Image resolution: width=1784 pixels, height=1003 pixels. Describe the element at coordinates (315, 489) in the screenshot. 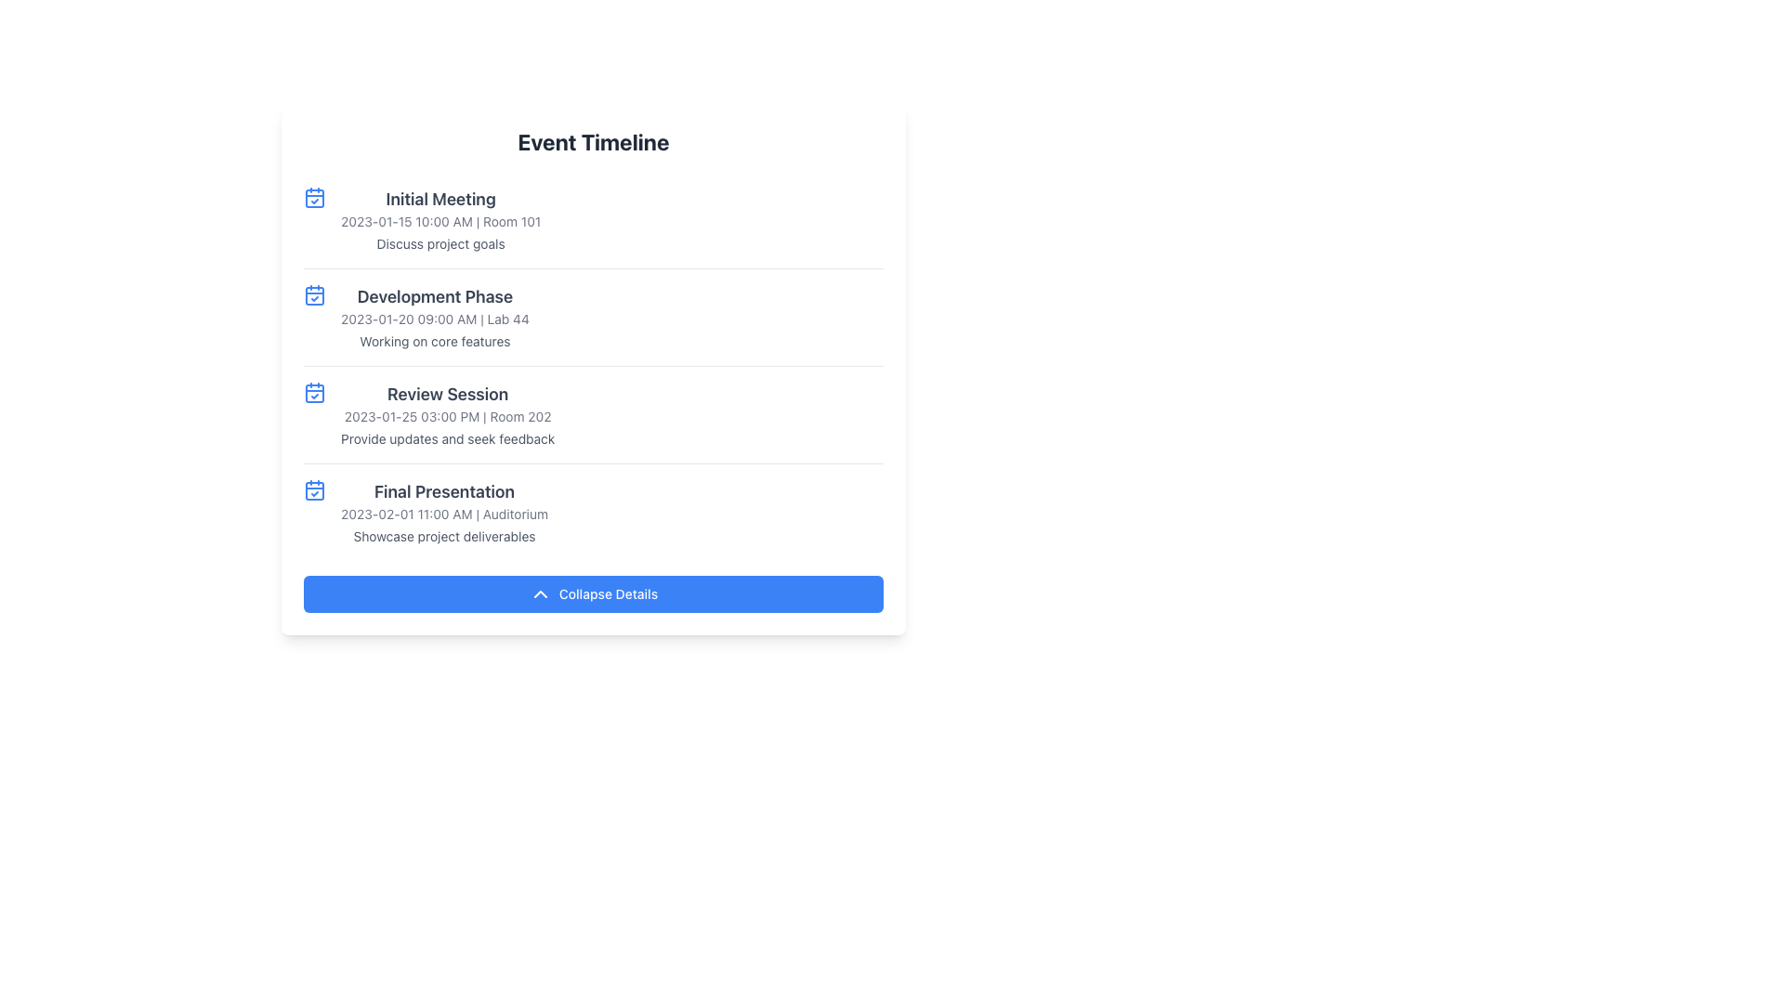

I see `the blue calendar icon with a checkmark located to the left of the 'Final Presentation' text in the fourth row of the timeline for additional event details or actions` at that location.